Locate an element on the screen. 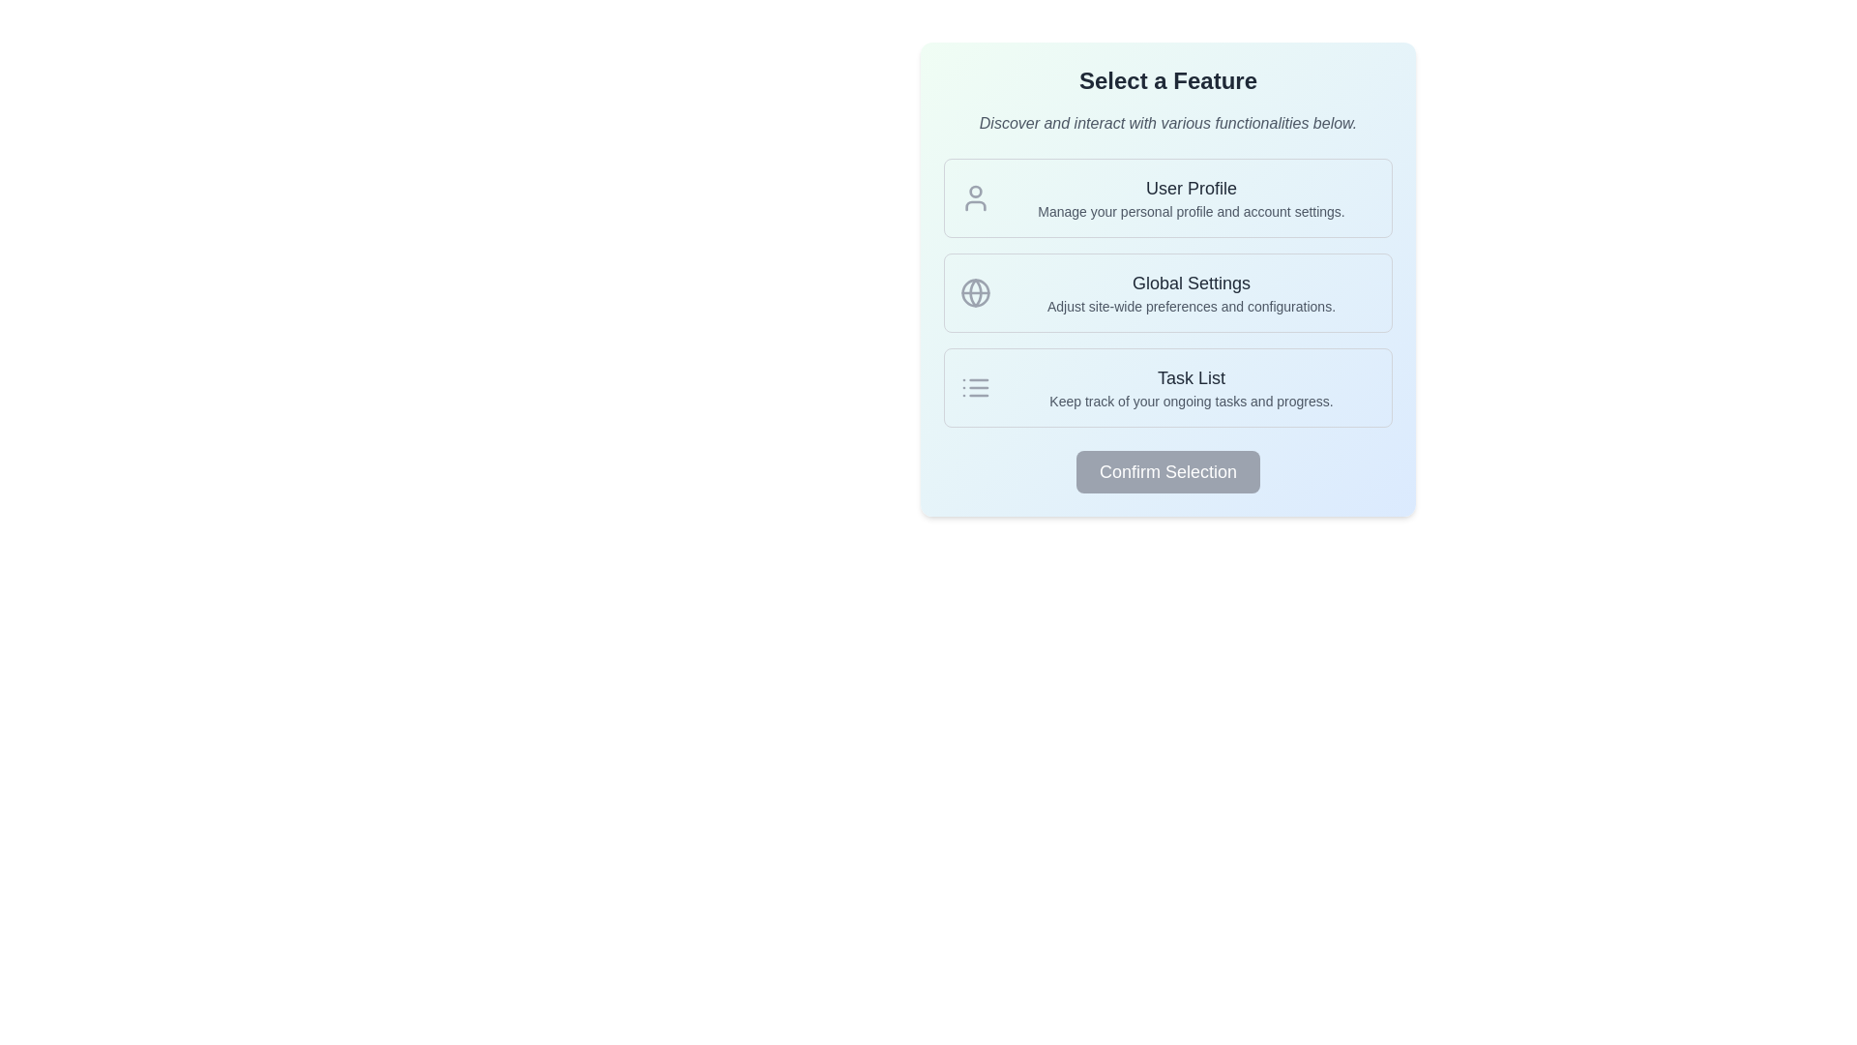 Image resolution: width=1857 pixels, height=1045 pixels. the clickable card labeled 'User Profile' which contains an icon of a user and descriptive text, positioned at the top of a vertical list of options is located at coordinates (1167, 197).